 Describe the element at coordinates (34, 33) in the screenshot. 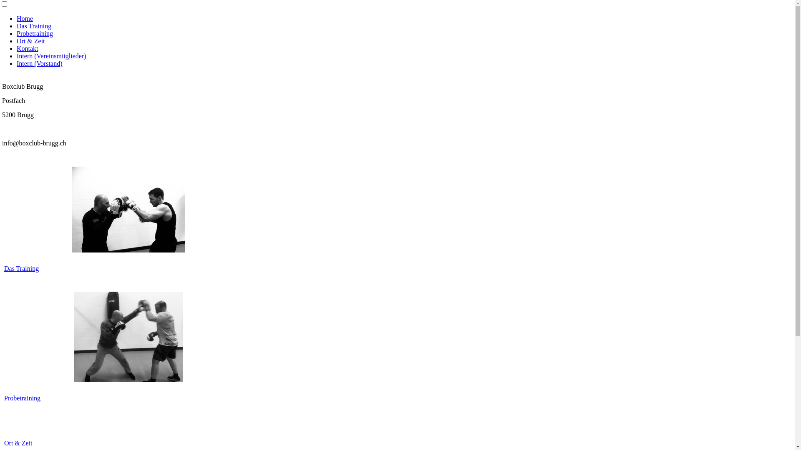

I see `'Probetraining'` at that location.